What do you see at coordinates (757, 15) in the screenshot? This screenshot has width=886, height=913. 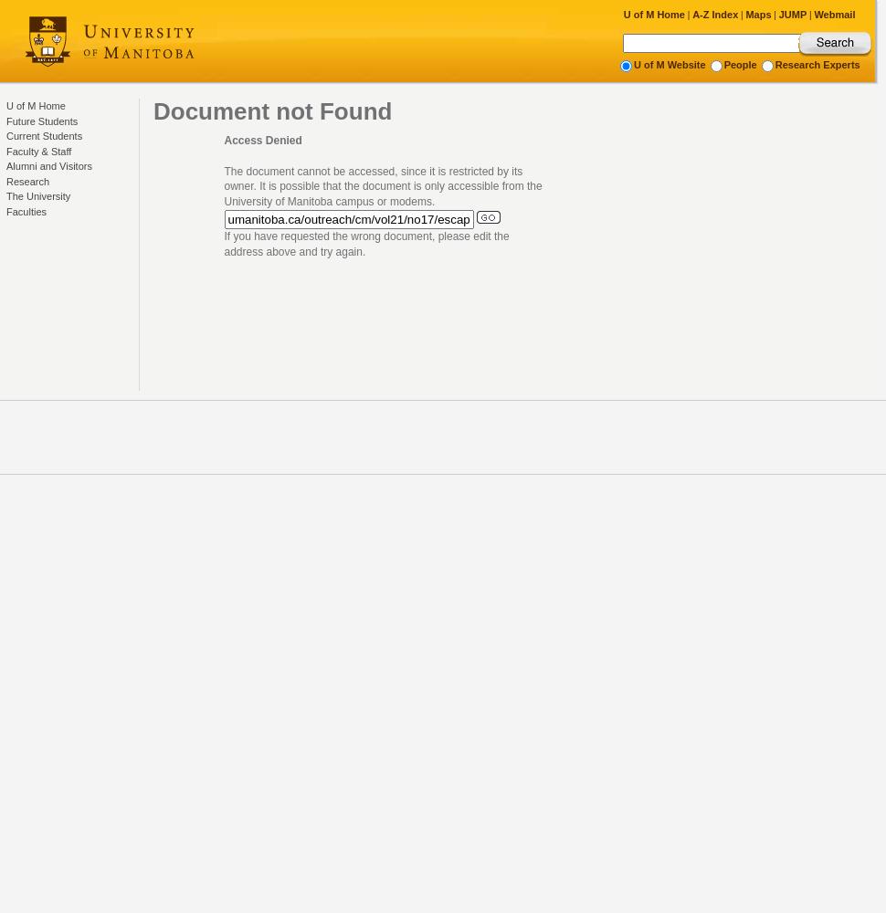 I see `'Maps'` at bounding box center [757, 15].